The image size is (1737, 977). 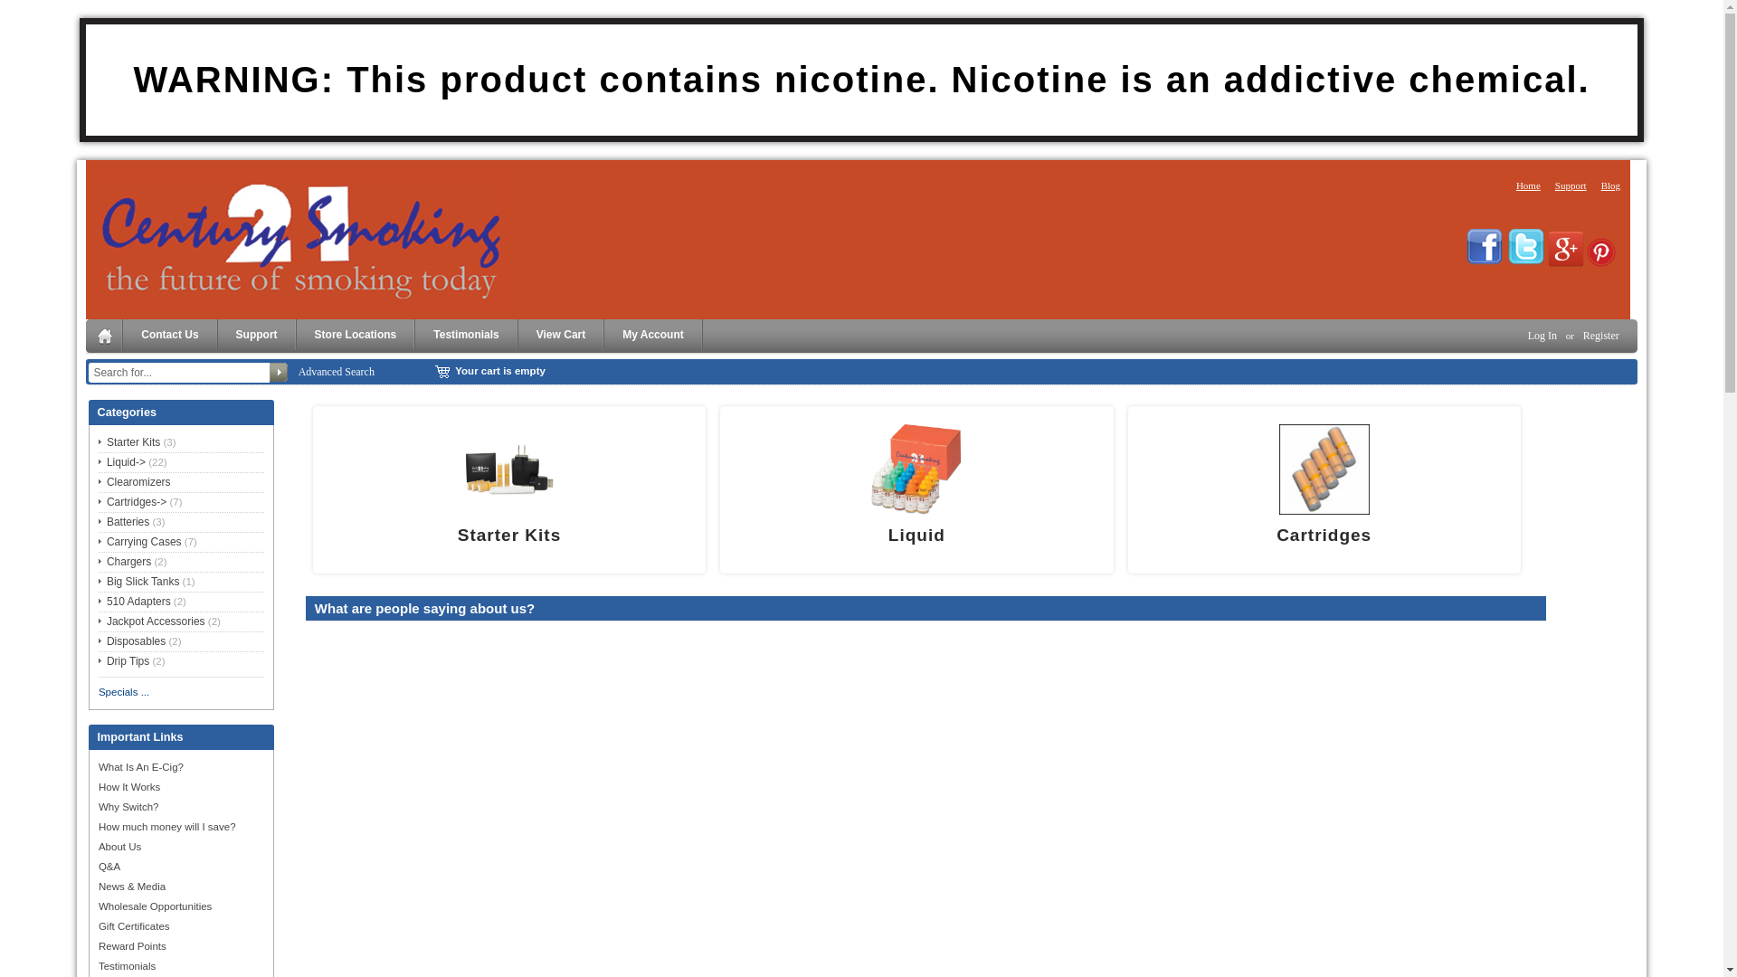 What do you see at coordinates (457, 534) in the screenshot?
I see `'Starter Kits'` at bounding box center [457, 534].